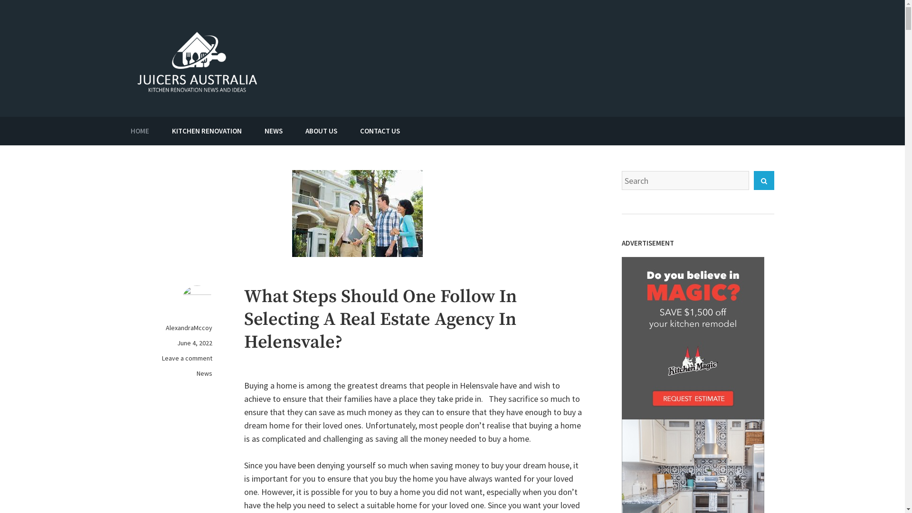 The width and height of the screenshot is (912, 513). Describe the element at coordinates (189, 327) in the screenshot. I see `'AlexandraMccoy'` at that location.